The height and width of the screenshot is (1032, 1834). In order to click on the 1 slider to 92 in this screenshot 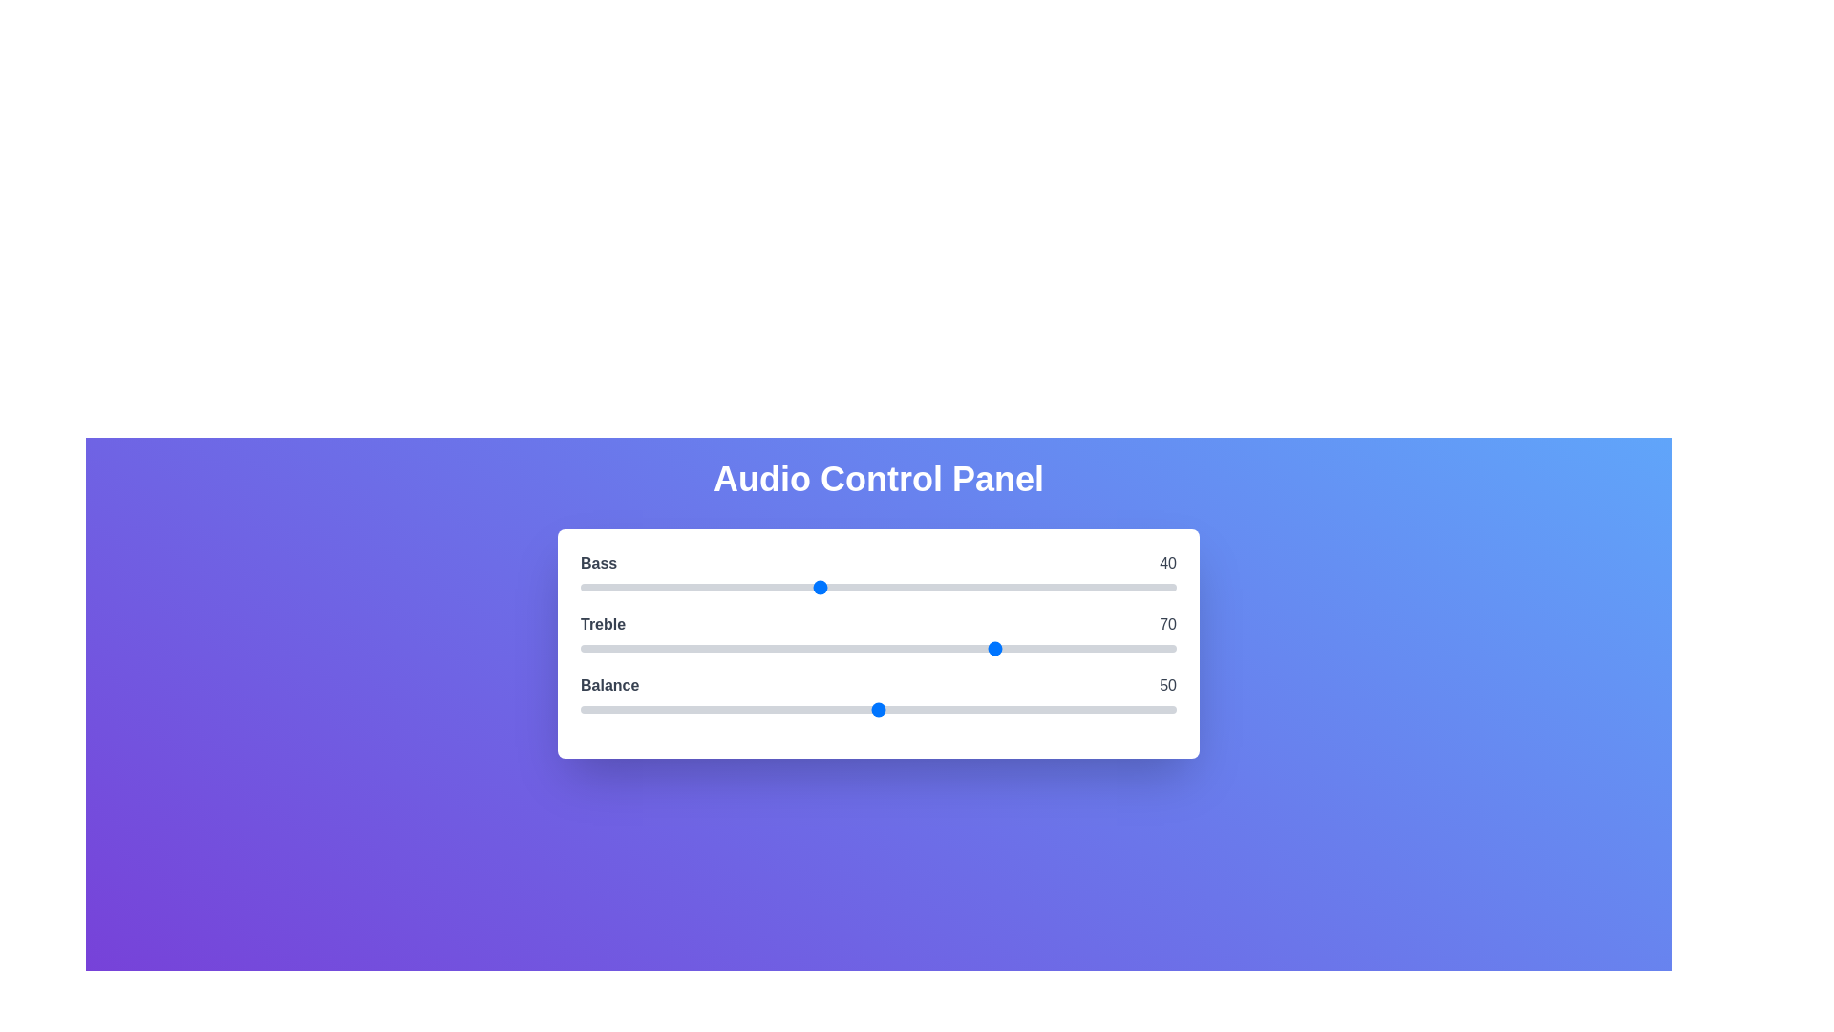, I will do `click(1129, 647)`.